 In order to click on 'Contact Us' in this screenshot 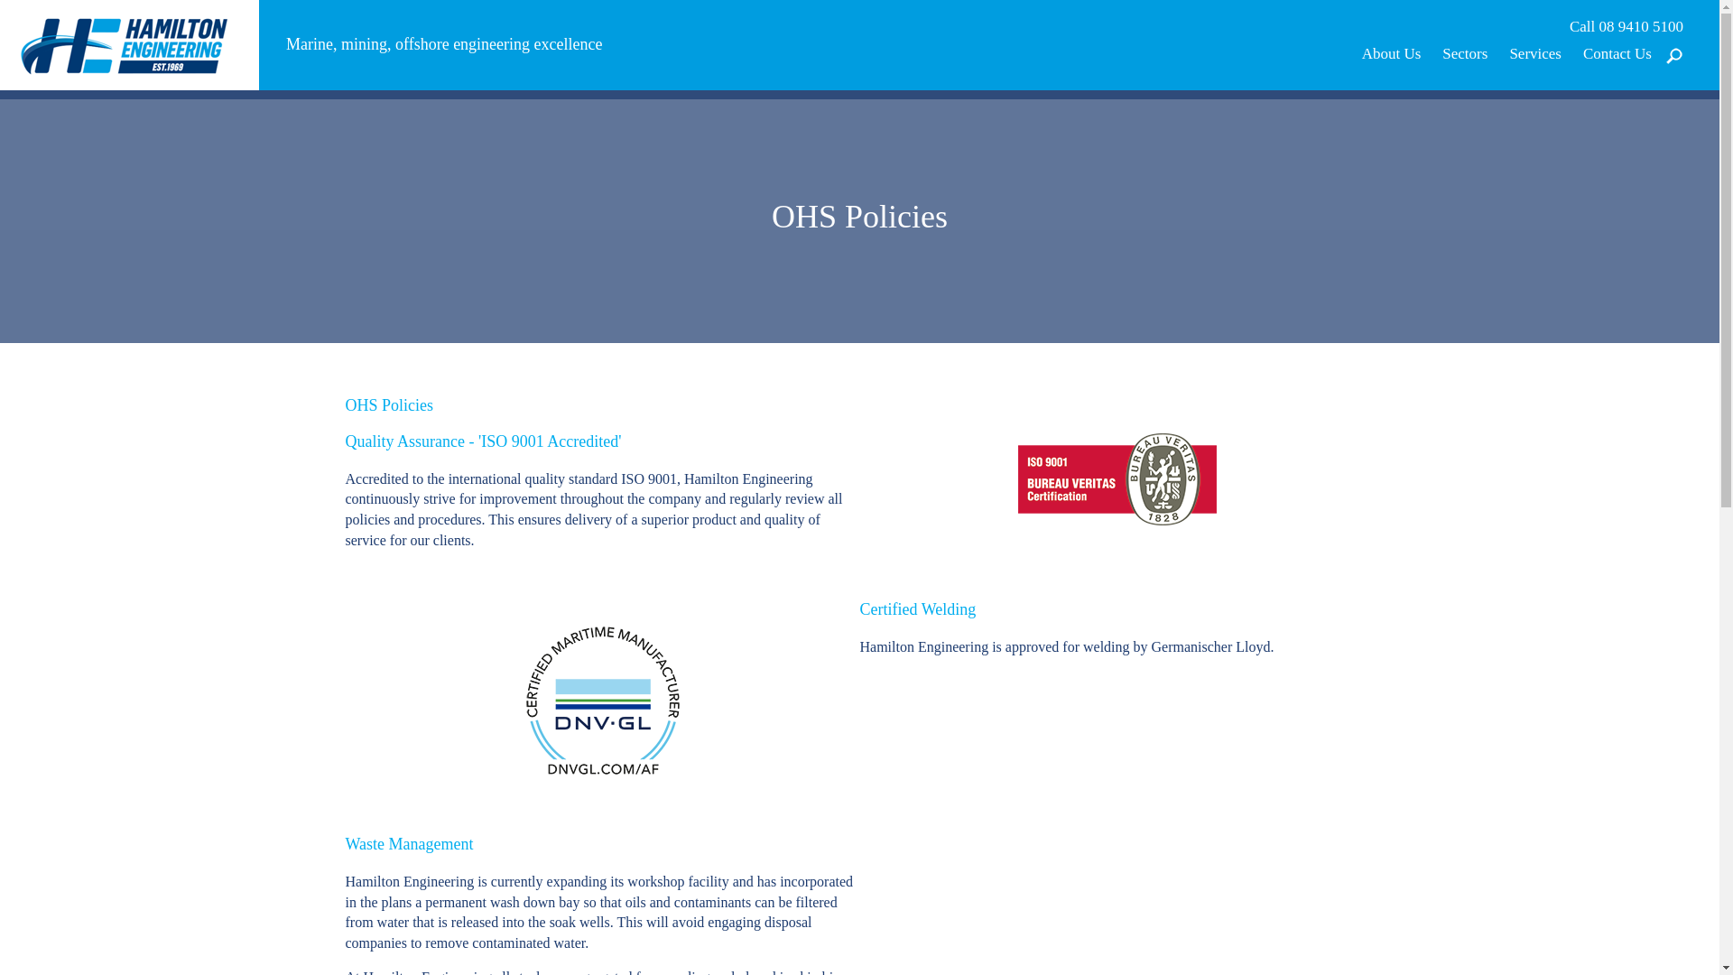, I will do `click(1617, 52)`.